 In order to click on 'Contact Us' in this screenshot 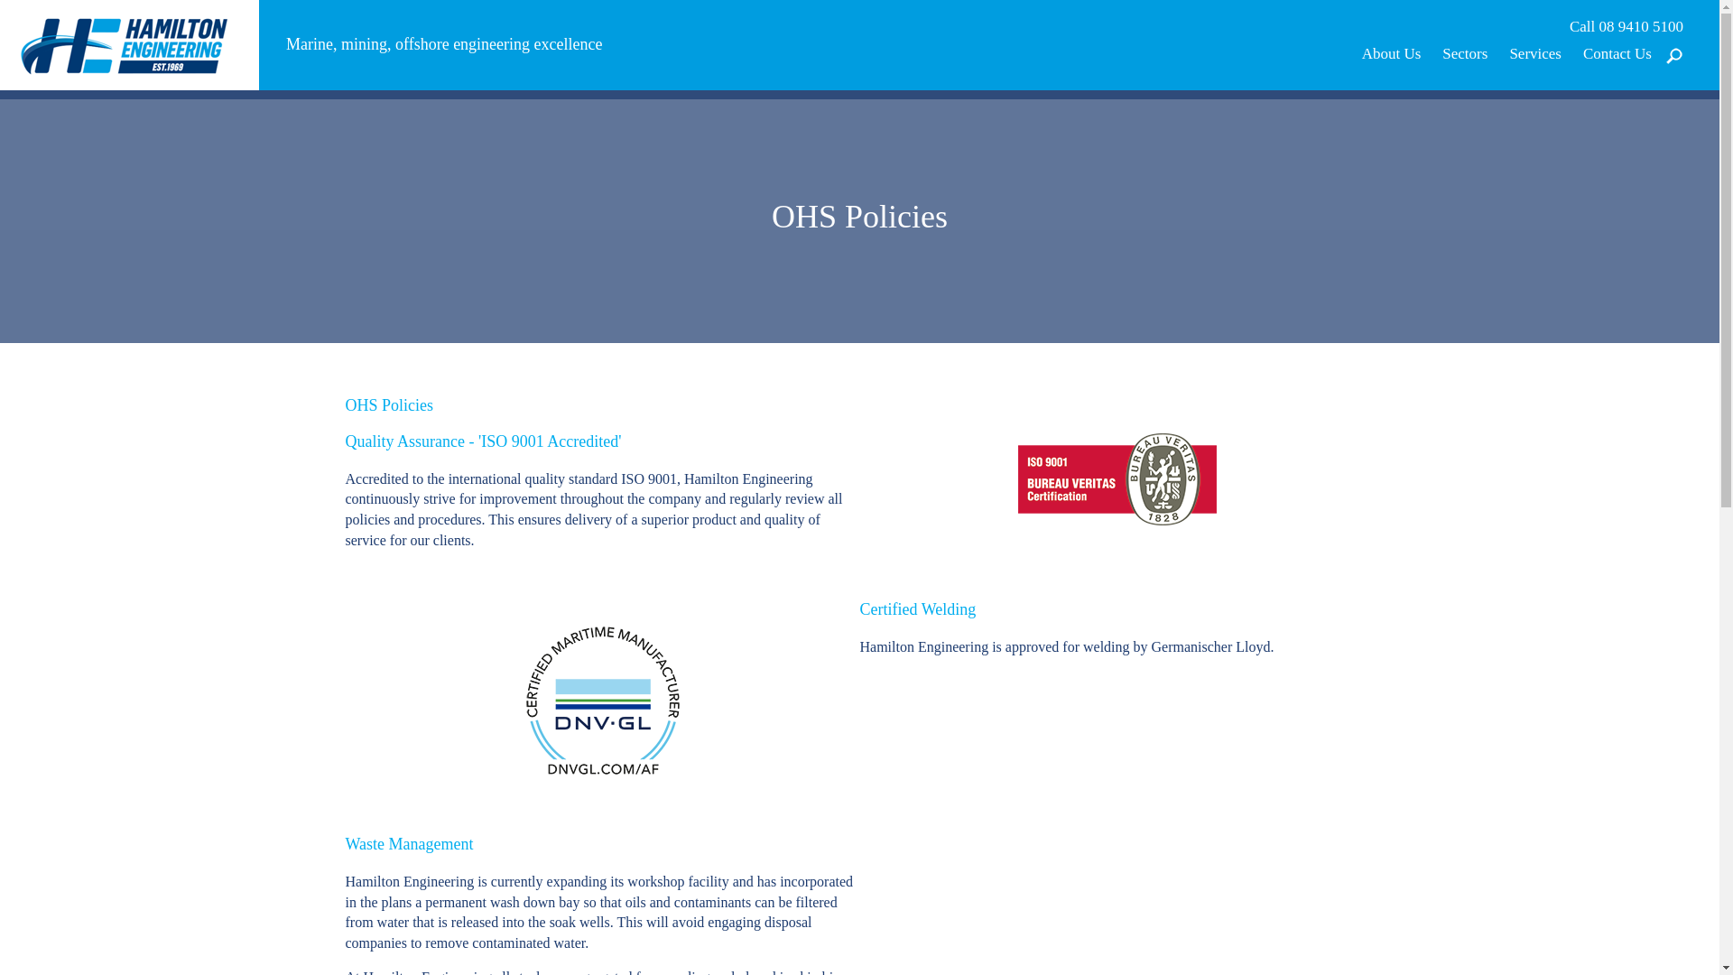, I will do `click(1617, 52)`.